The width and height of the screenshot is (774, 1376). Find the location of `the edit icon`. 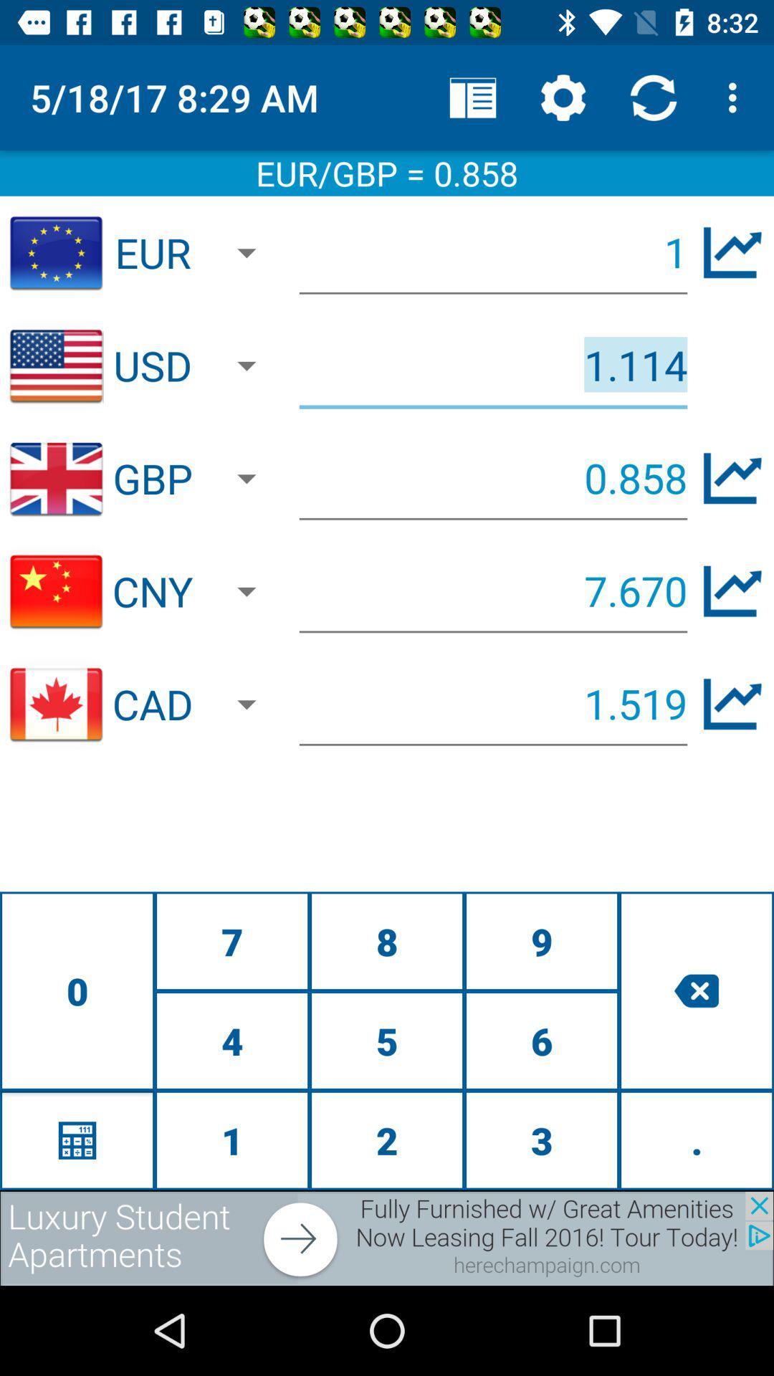

the edit icon is located at coordinates (732, 591).